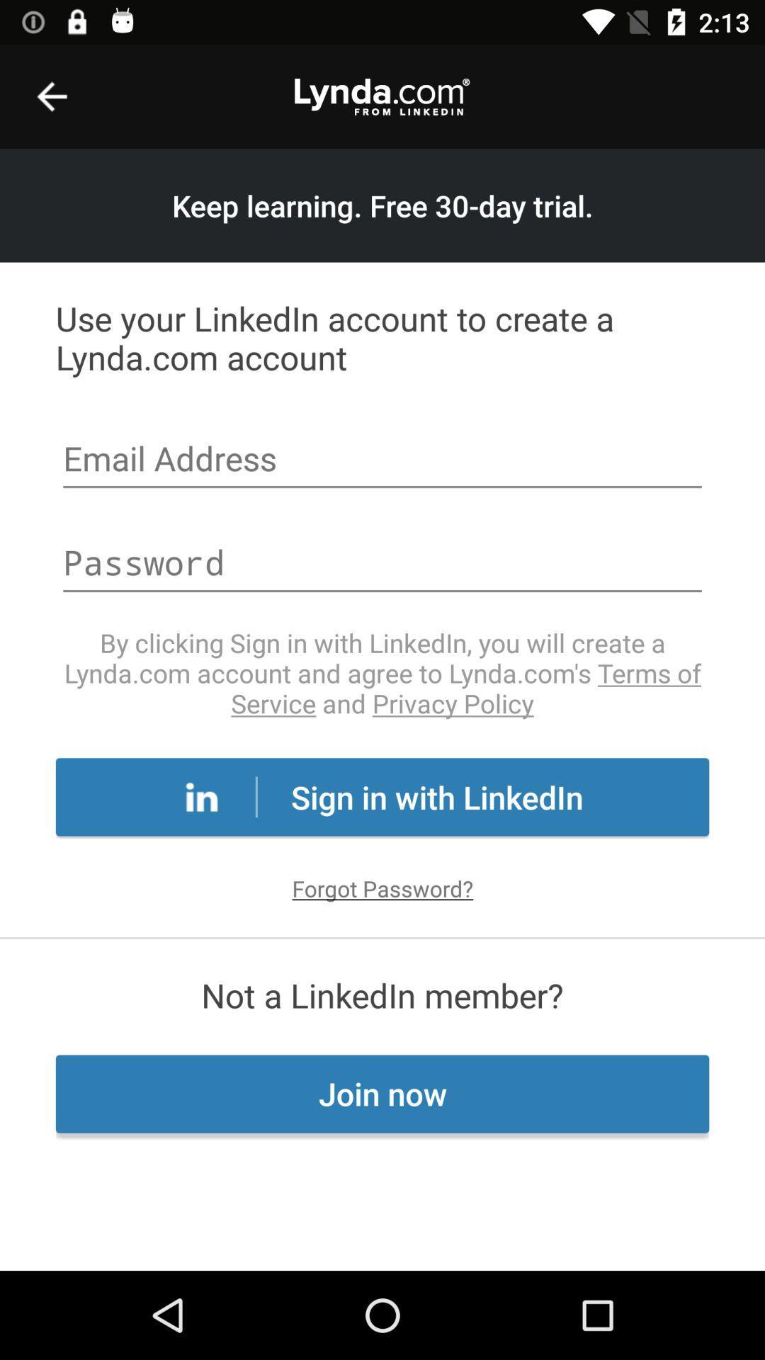  Describe the element at coordinates (382, 1093) in the screenshot. I see `the join now item` at that location.